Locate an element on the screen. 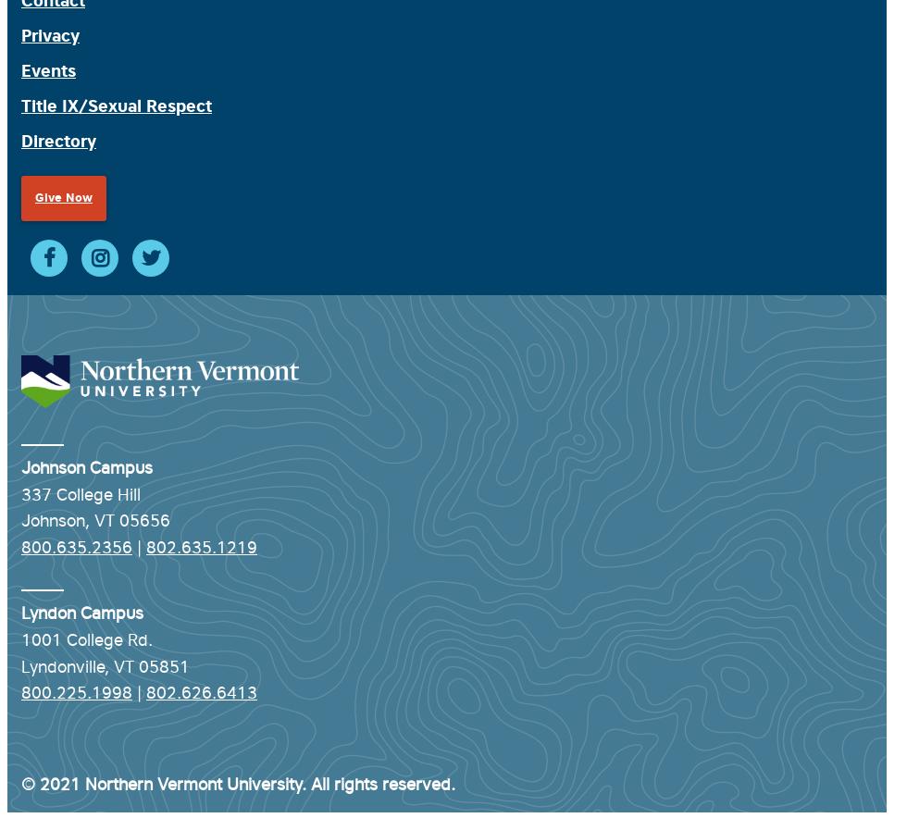 The image size is (907, 818). 'Directory' is located at coordinates (21, 141).